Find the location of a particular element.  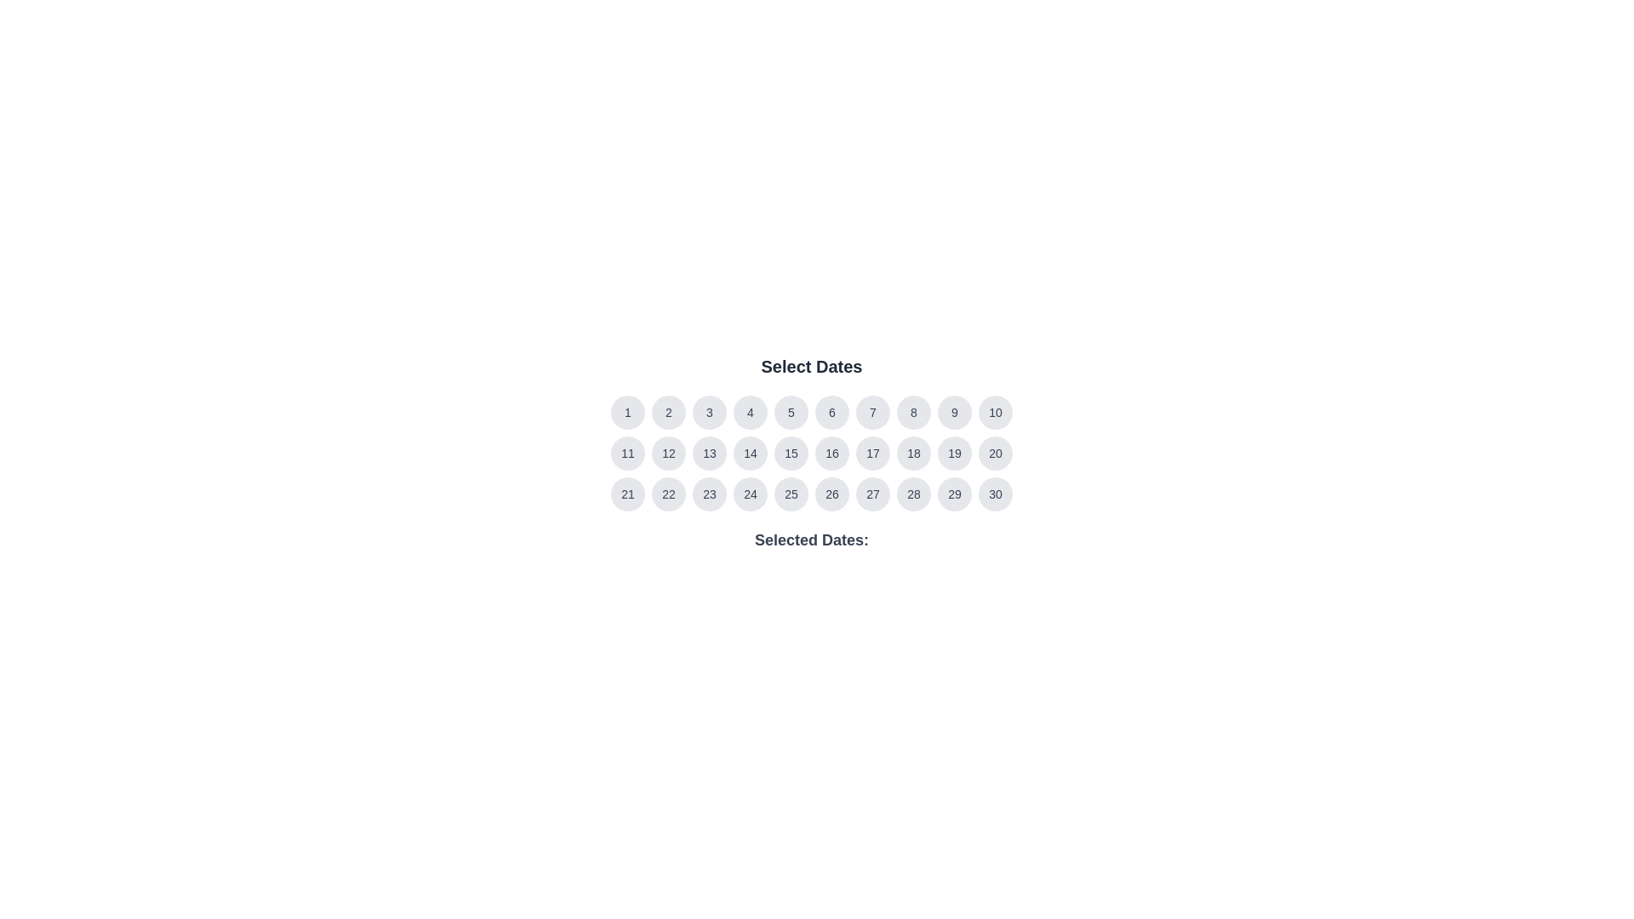

the interactive button for selecting the date '17', which is the 7th item in the third row of a grid of circular buttons is located at coordinates (873, 452).